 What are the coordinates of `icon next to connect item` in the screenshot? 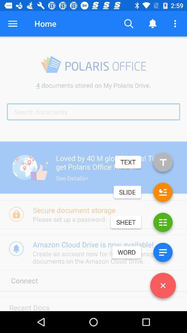 It's located at (163, 287).